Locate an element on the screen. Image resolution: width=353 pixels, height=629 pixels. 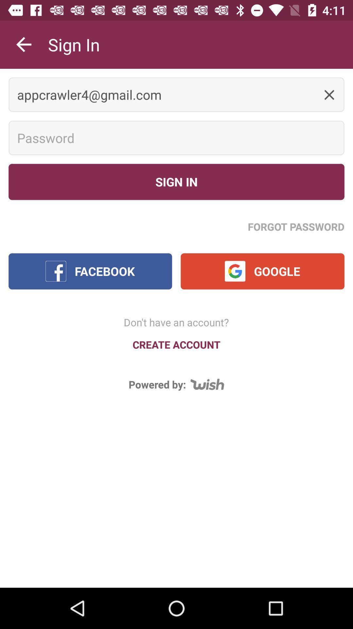
the facebook option is located at coordinates (90, 271).